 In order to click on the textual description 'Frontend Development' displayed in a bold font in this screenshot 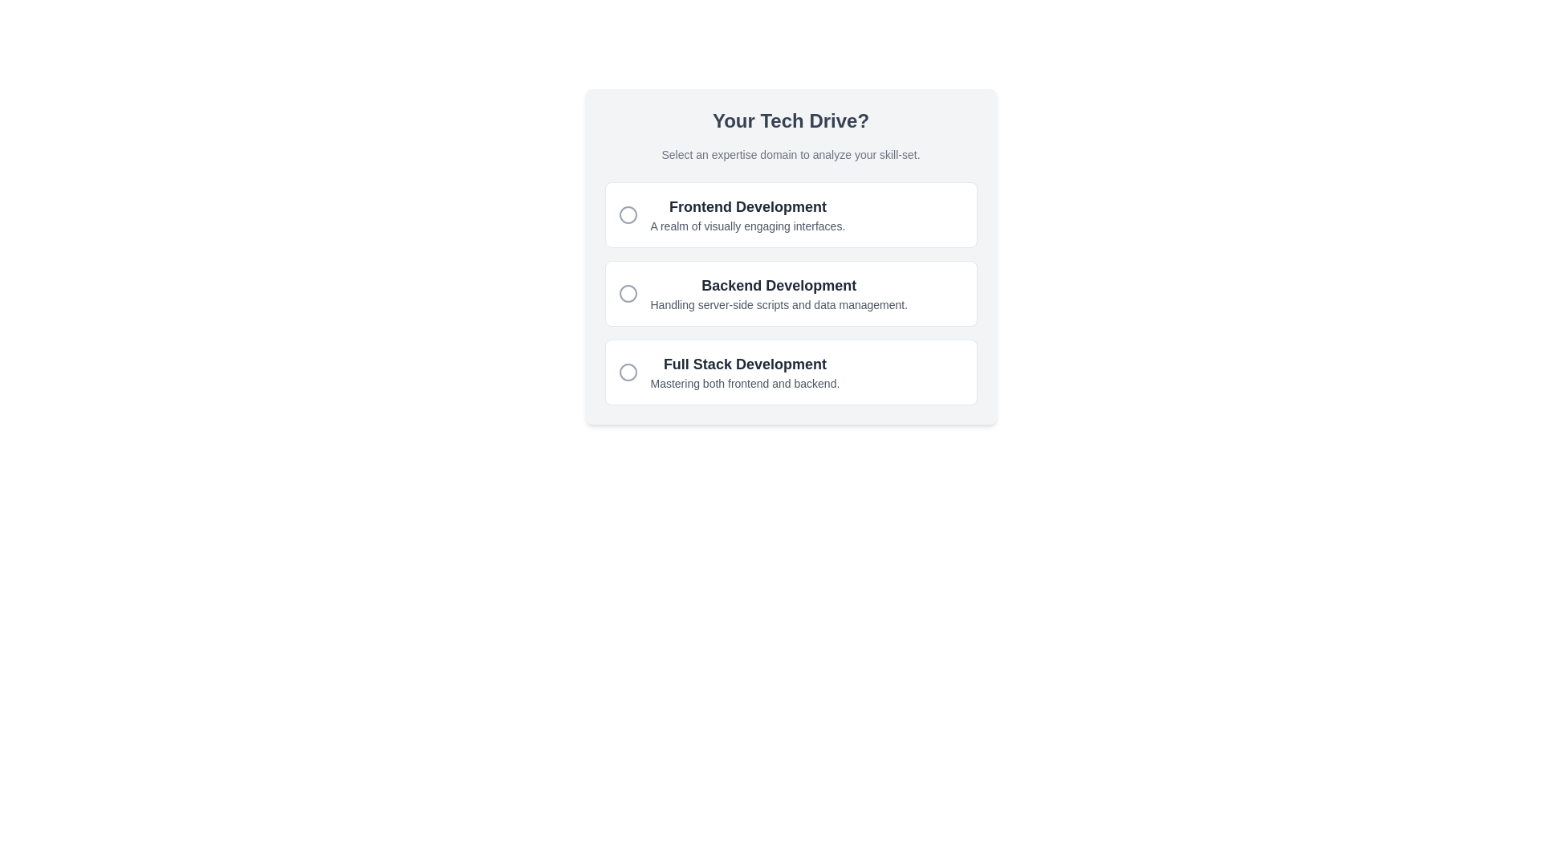, I will do `click(746, 214)`.